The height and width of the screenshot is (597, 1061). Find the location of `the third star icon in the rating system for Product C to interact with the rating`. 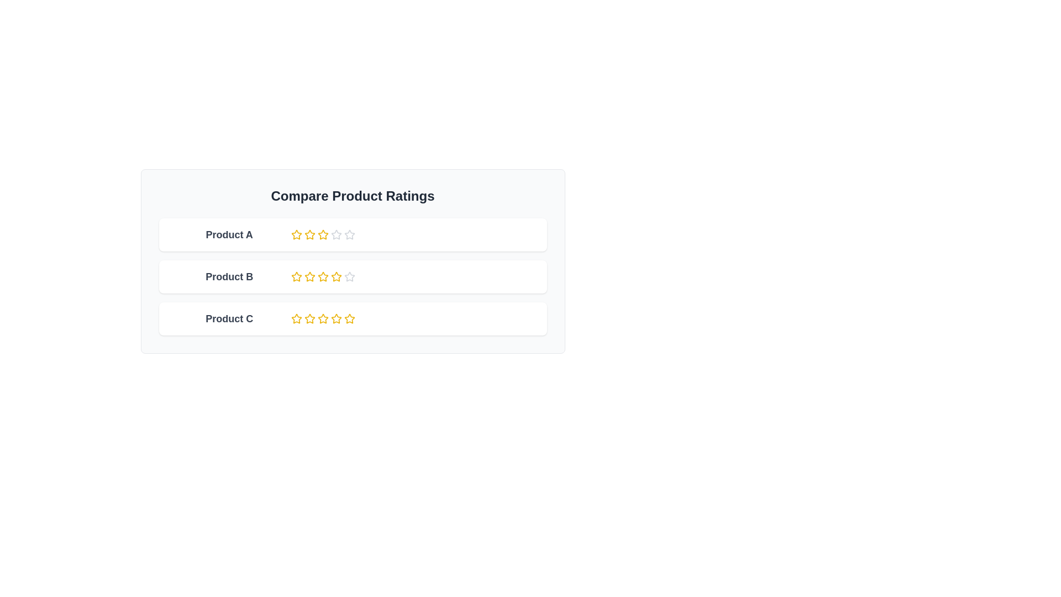

the third star icon in the rating system for Product C to interact with the rating is located at coordinates (322, 318).